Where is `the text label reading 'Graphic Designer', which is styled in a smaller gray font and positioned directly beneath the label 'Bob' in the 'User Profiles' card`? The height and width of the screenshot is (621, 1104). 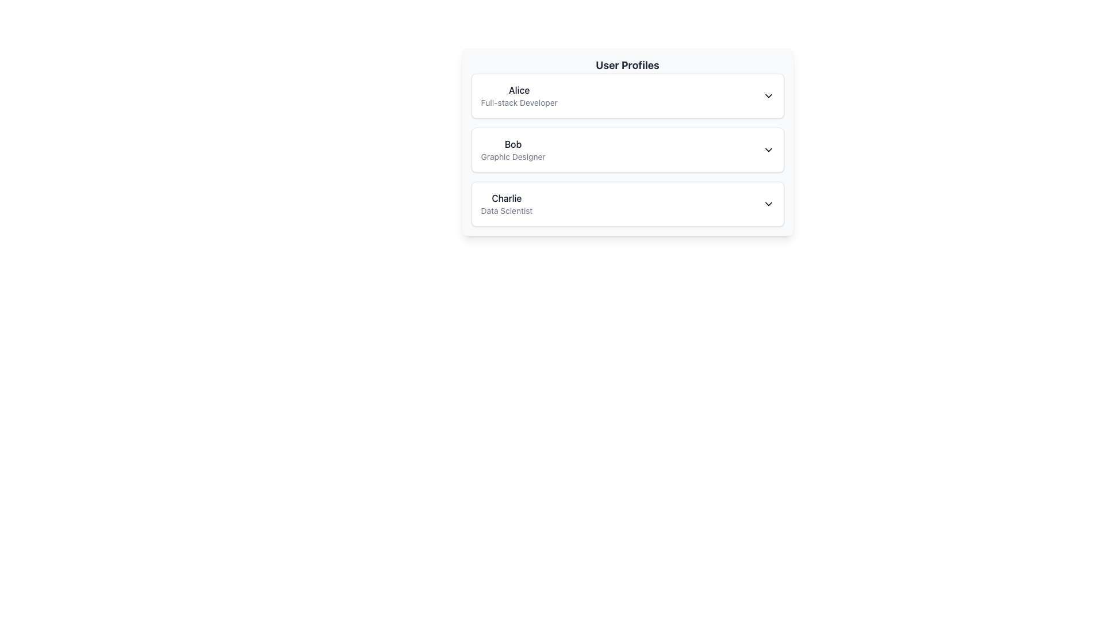 the text label reading 'Graphic Designer', which is styled in a smaller gray font and positioned directly beneath the label 'Bob' in the 'User Profiles' card is located at coordinates (512, 157).